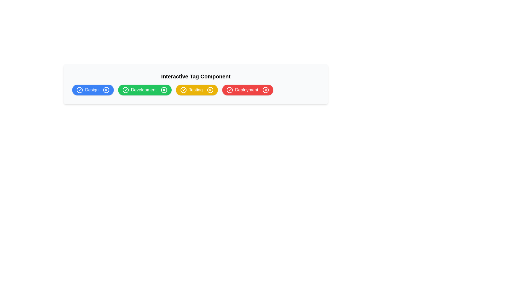  Describe the element at coordinates (144, 89) in the screenshot. I see `the text label displaying 'Development' in white on a green background, which is part of a rounded rectangular button located between the 'Design' and 'Testing' buttons` at that location.